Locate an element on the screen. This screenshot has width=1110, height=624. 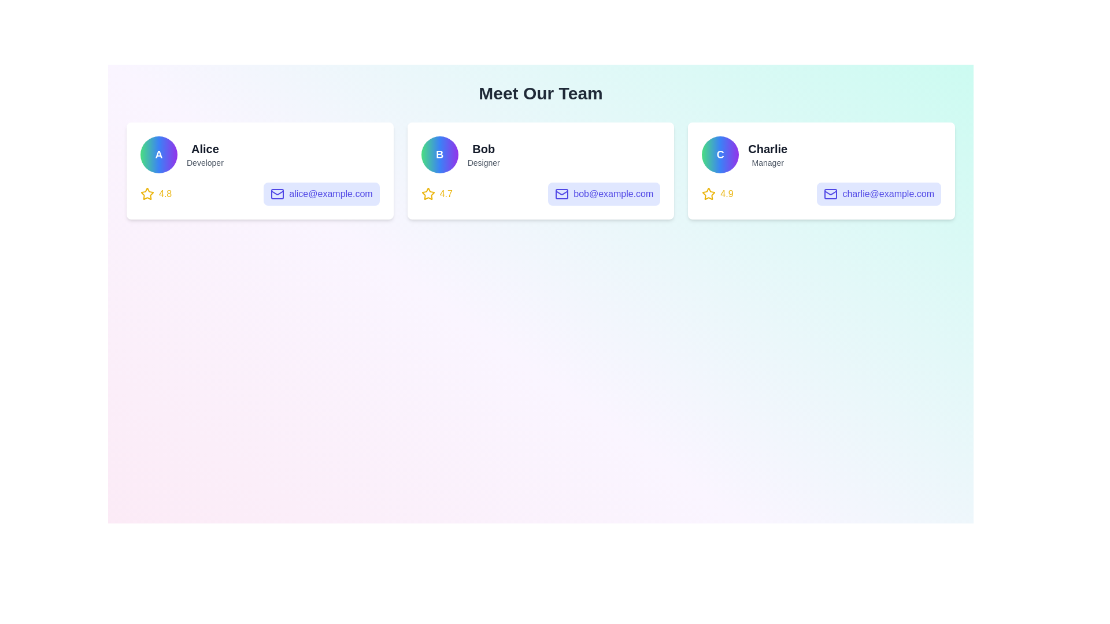
the circular profile icon representing 'Alice' located at the leftmost side of the card displaying her information is located at coordinates (158, 154).